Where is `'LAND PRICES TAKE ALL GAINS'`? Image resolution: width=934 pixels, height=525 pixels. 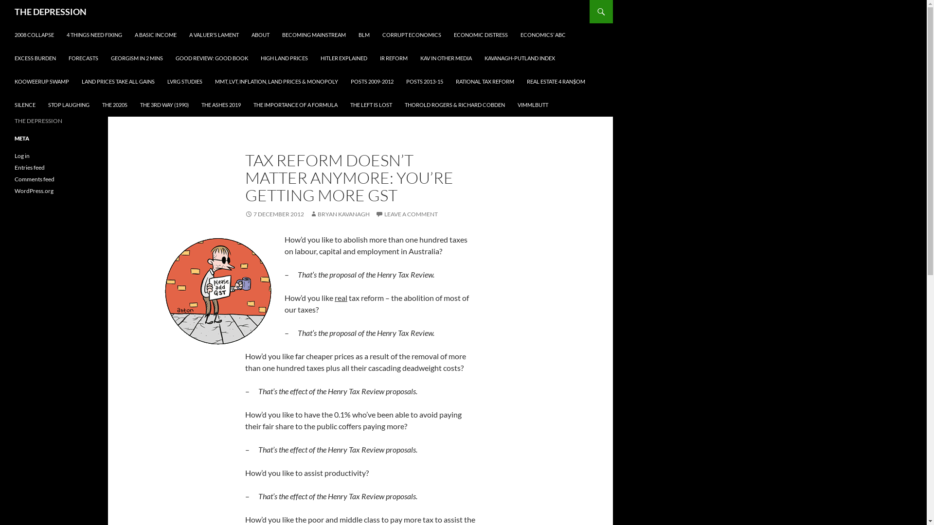 'LAND PRICES TAKE ALL GAINS' is located at coordinates (118, 81).